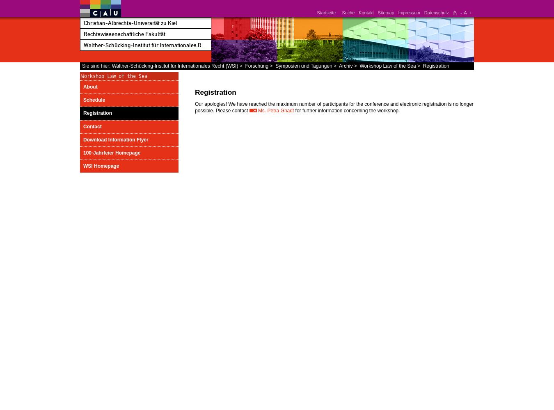 This screenshot has width=554, height=410. Describe the element at coordinates (346, 66) in the screenshot. I see `'Archiv'` at that location.